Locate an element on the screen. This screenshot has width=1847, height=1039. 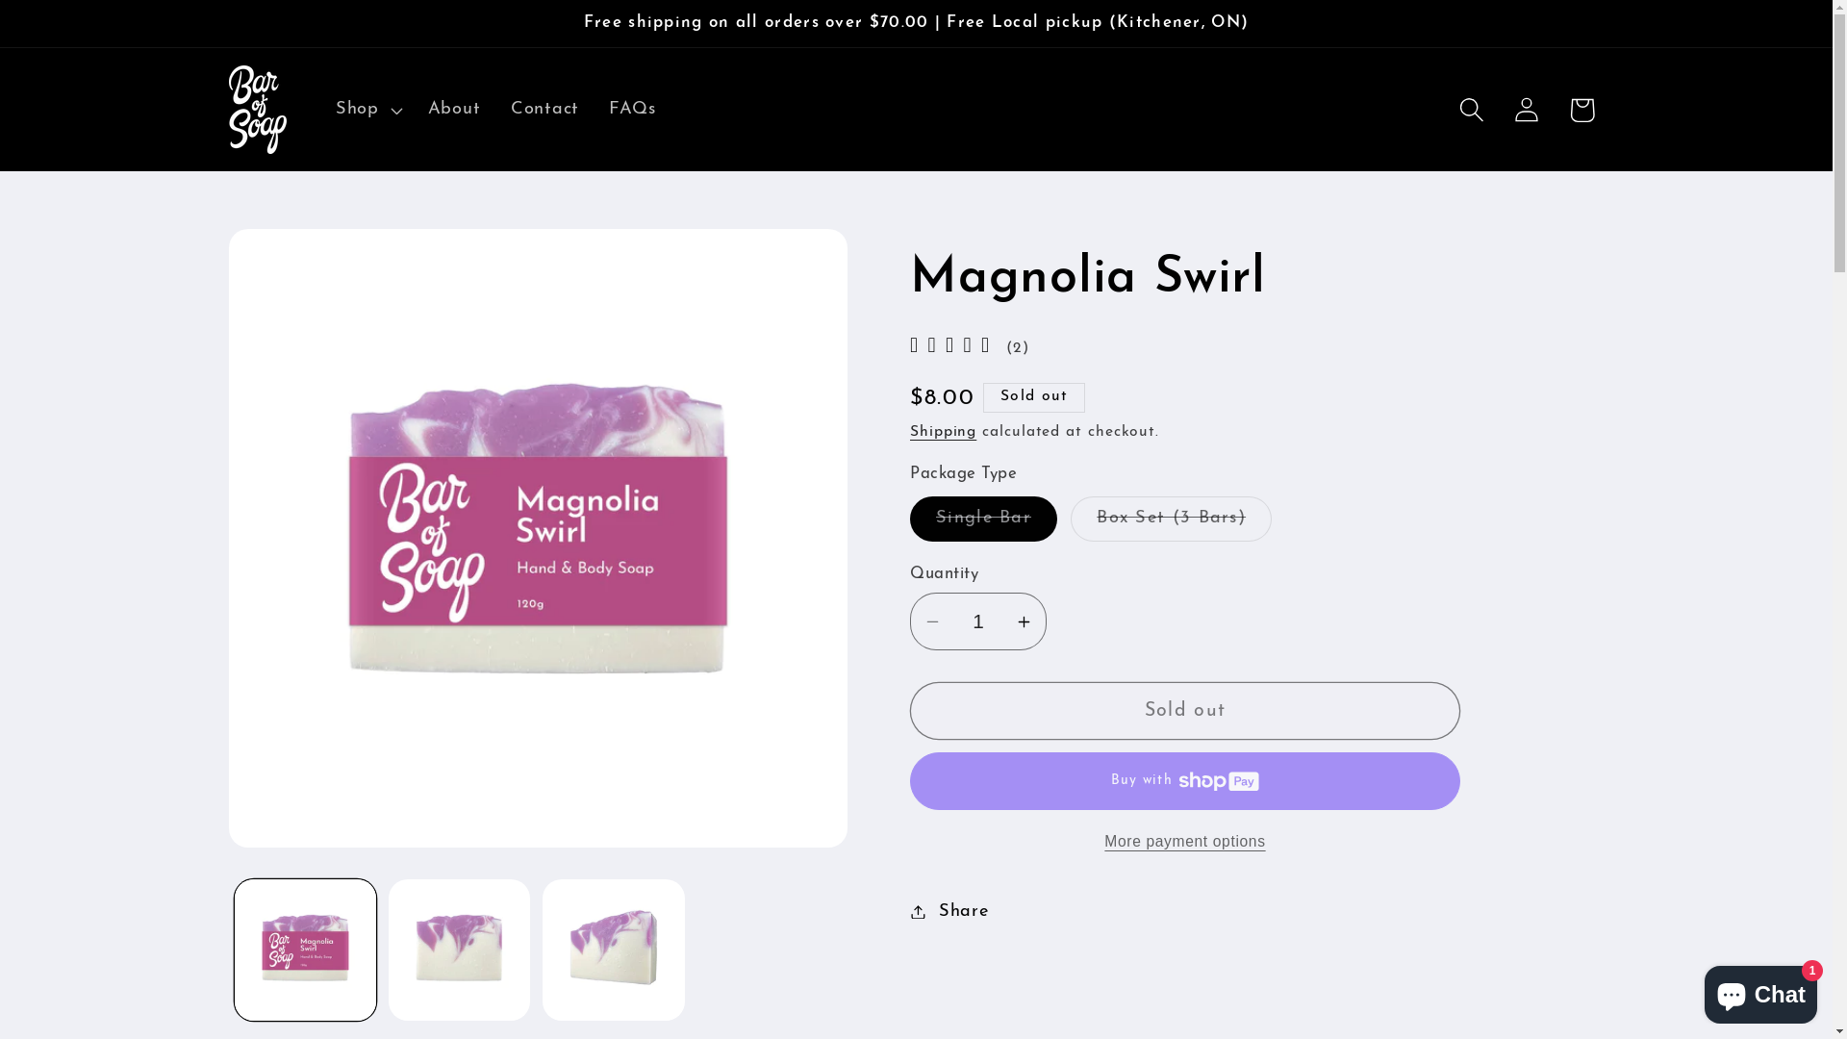
'Sold out' is located at coordinates (1184, 711).